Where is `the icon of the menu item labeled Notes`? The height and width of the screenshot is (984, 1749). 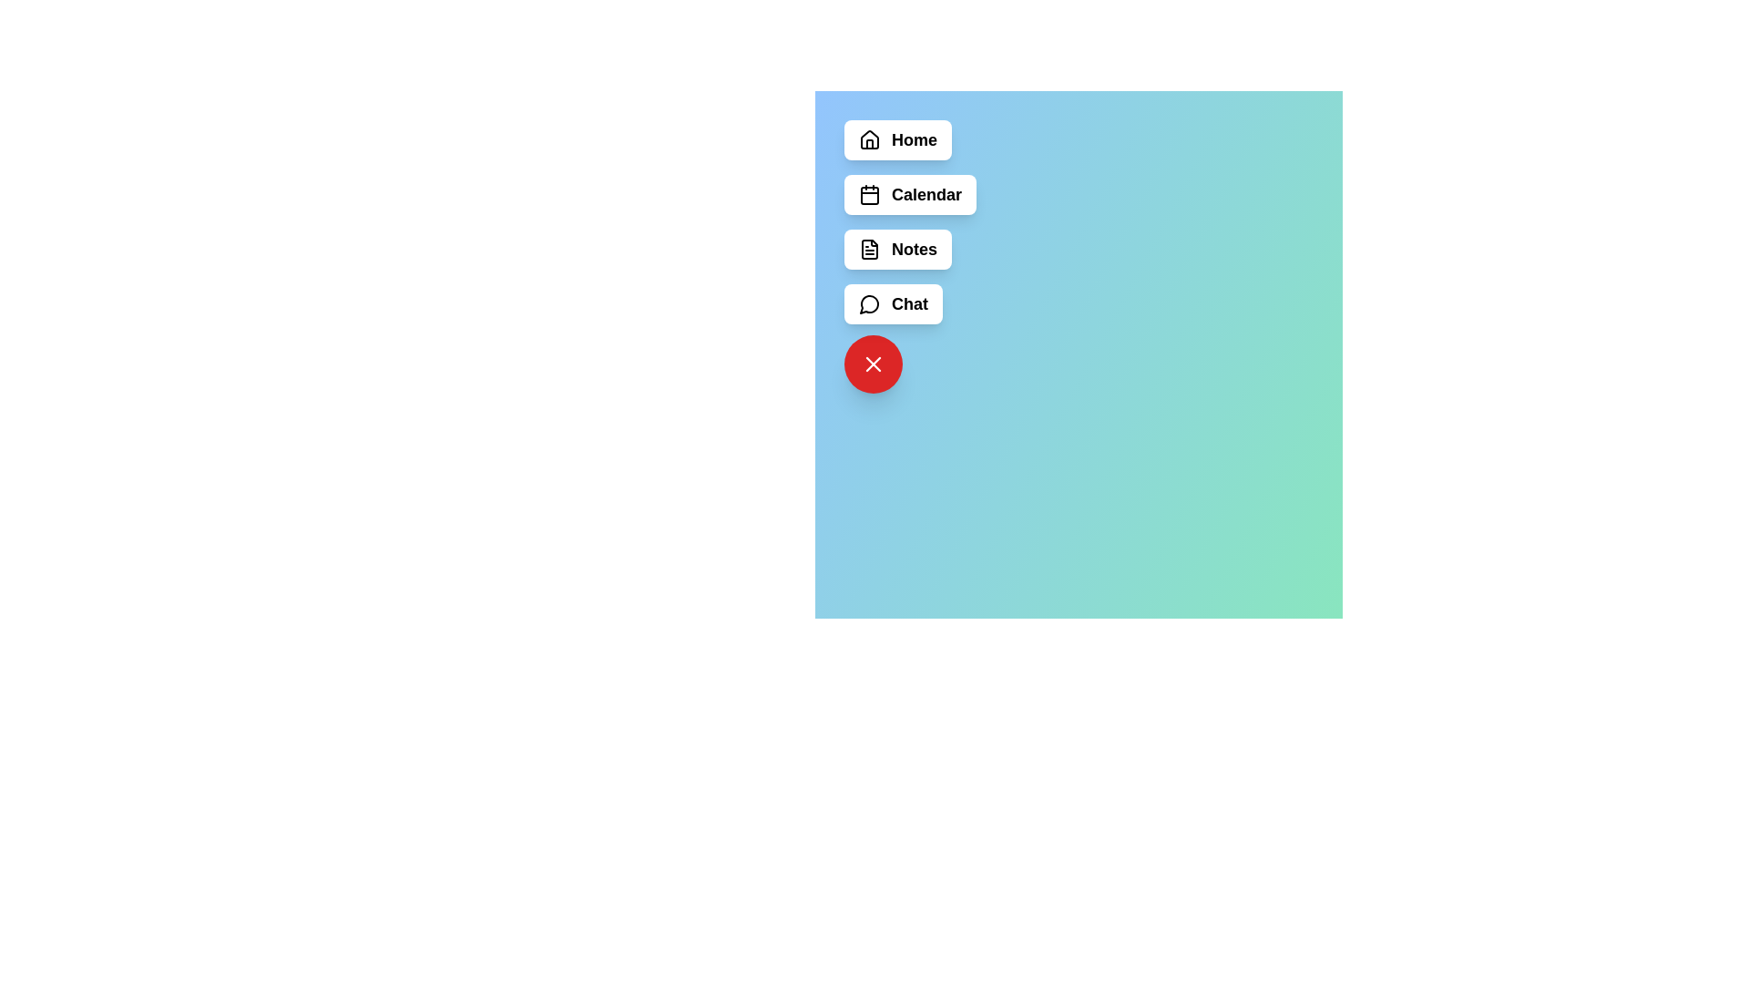
the icon of the menu item labeled Notes is located at coordinates (869, 249).